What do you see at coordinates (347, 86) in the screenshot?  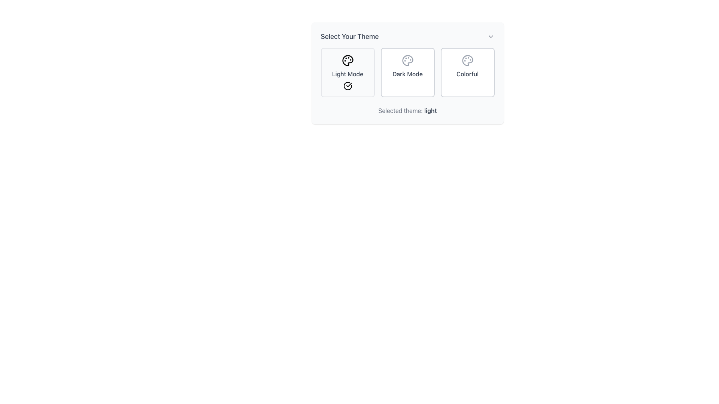 I see `the visual indication of the circular graphical icon within the 'Light Mode' button in the 'Select Your Theme' layout` at bounding box center [347, 86].